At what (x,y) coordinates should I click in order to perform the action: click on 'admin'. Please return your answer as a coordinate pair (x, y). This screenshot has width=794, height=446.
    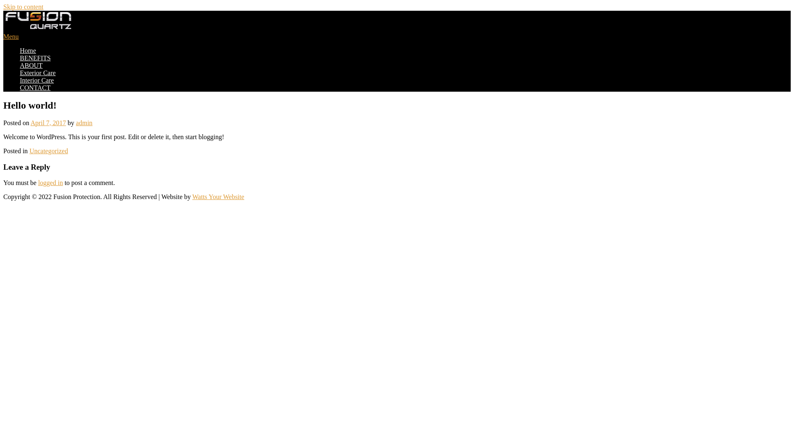
    Looking at the image, I should click on (84, 123).